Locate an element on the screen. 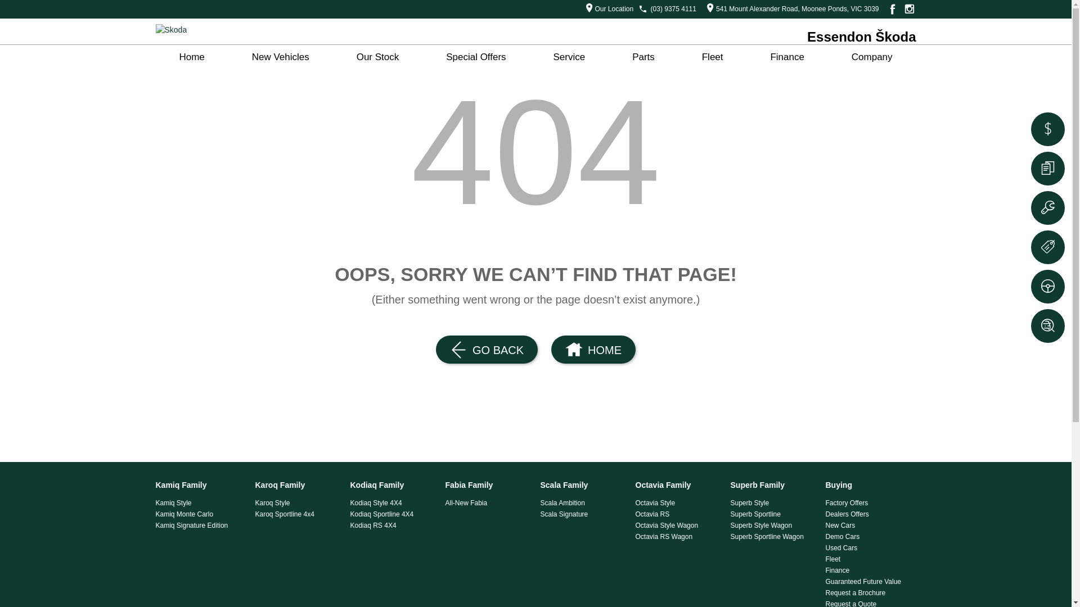 The height and width of the screenshot is (607, 1080). '541 Mount Alexander Road, Moonee Ponds, VIC 3039' is located at coordinates (789, 8).